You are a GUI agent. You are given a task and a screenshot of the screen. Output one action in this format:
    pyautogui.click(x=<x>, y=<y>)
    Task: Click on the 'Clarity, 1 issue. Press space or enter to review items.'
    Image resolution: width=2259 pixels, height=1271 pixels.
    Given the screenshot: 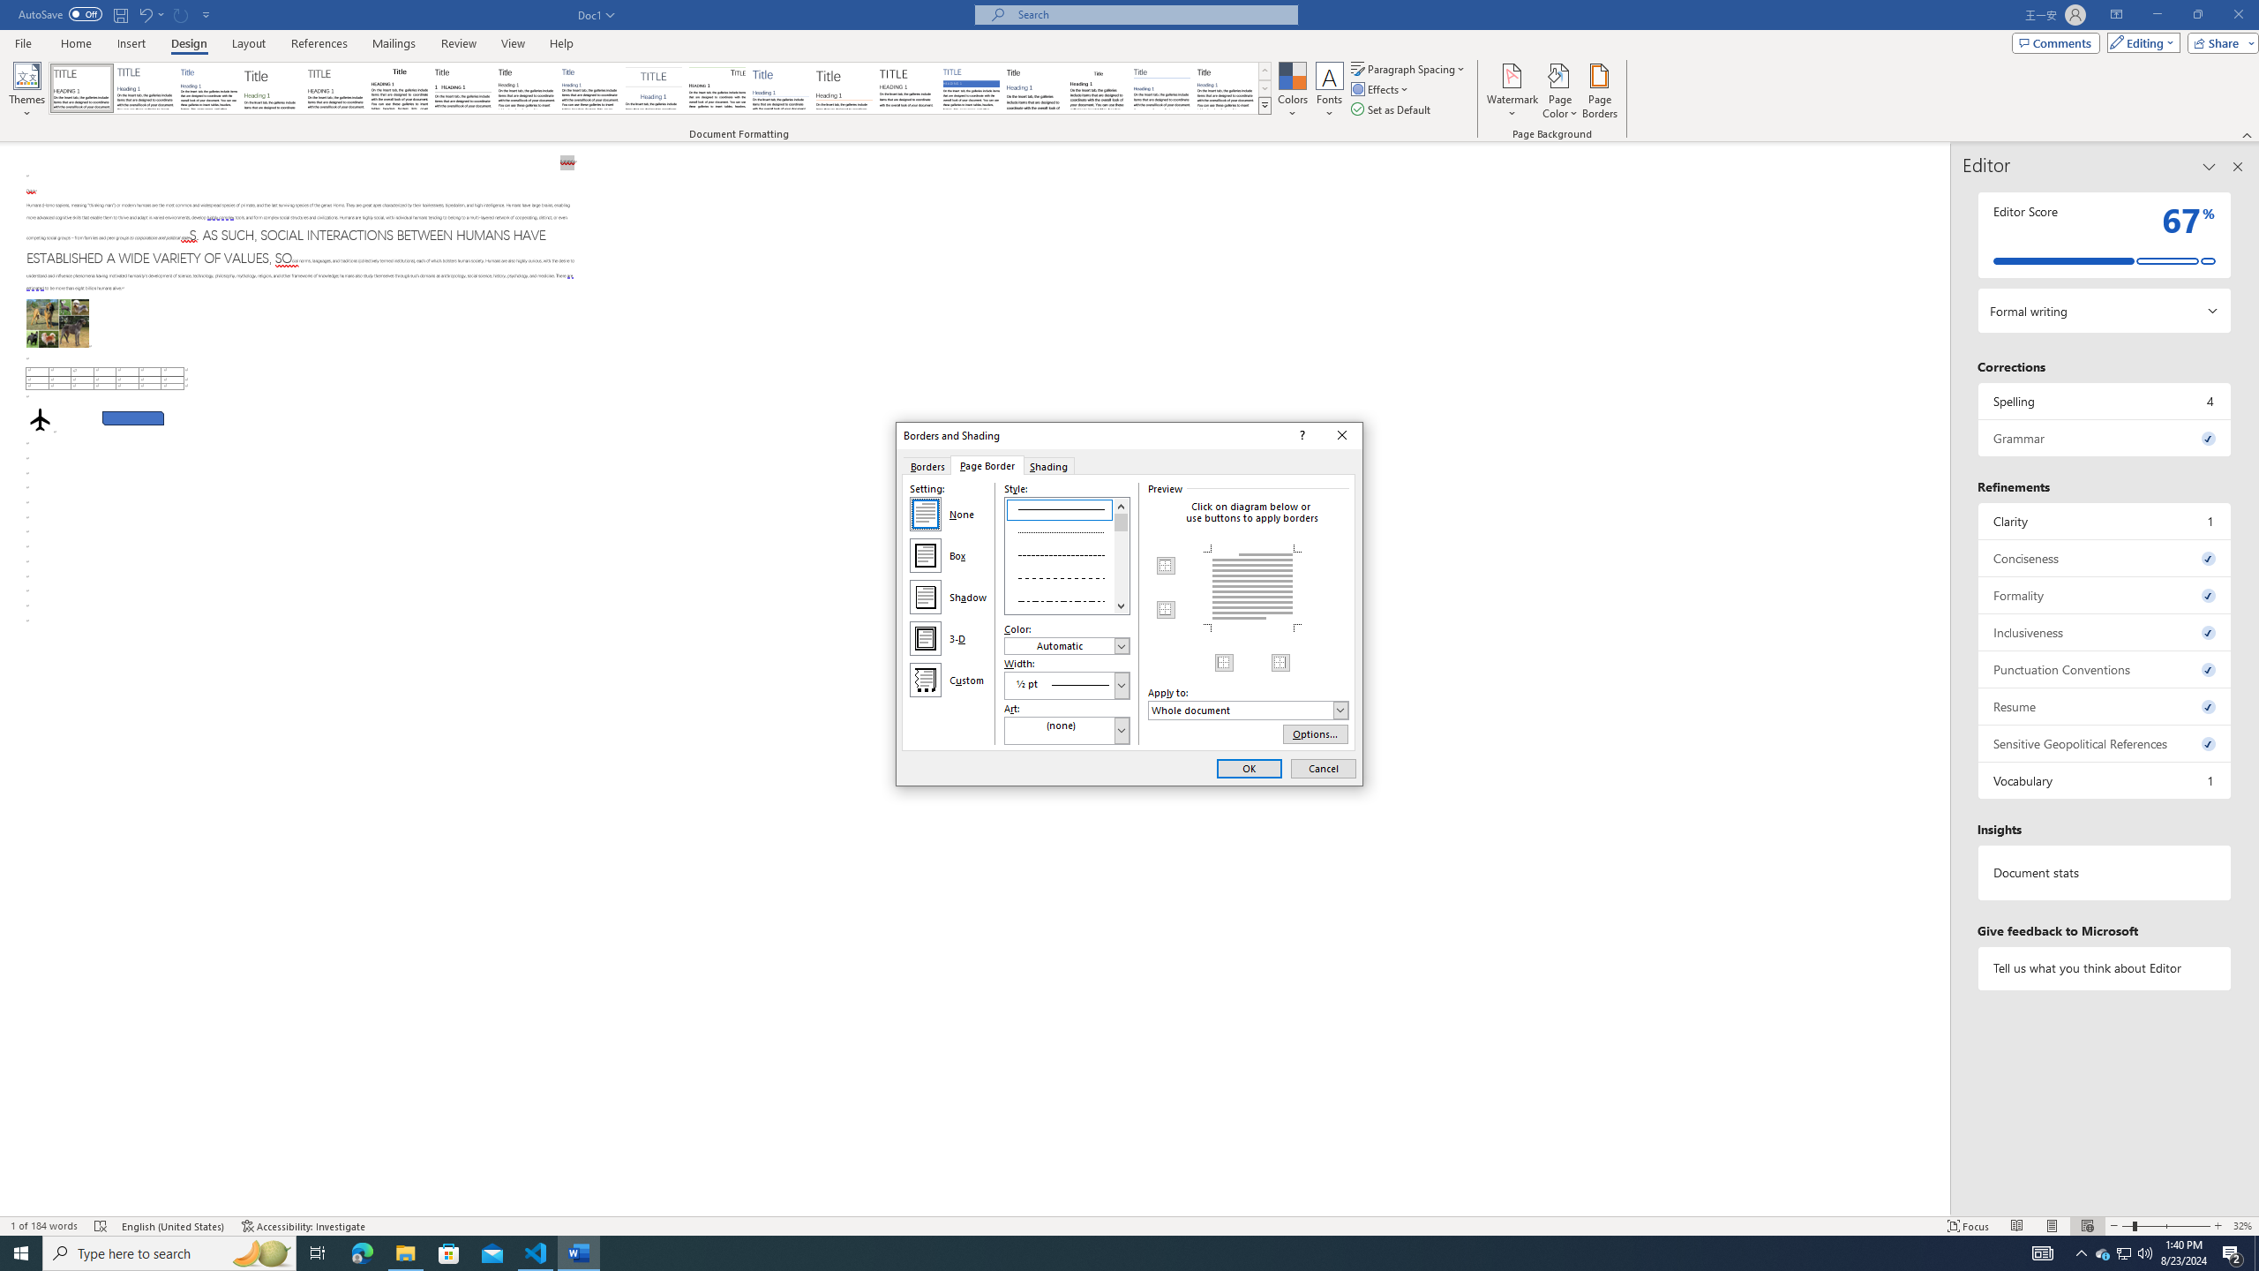 What is the action you would take?
    pyautogui.click(x=2104, y=520)
    